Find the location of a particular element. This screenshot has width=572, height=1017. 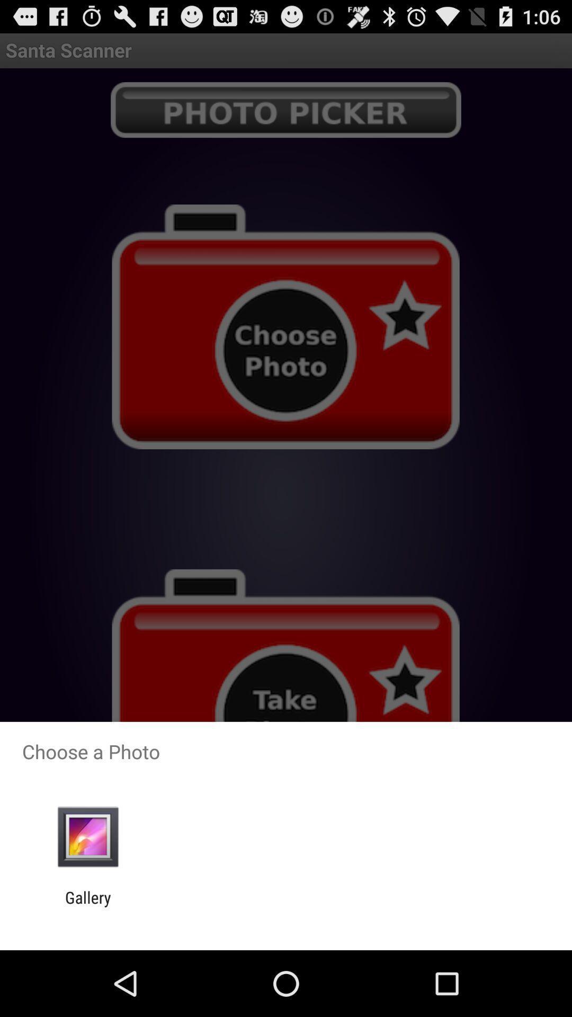

item below the choose a photo item is located at coordinates (87, 836).